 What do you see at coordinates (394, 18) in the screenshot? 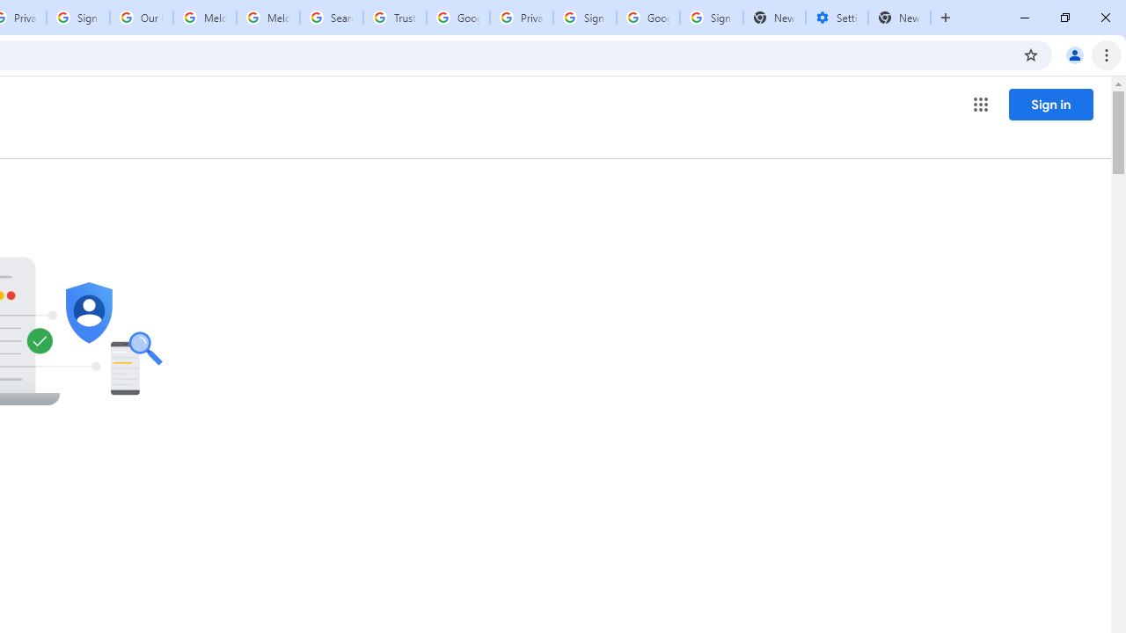
I see `'Trusted Information and Content - Google Safety Center'` at bounding box center [394, 18].